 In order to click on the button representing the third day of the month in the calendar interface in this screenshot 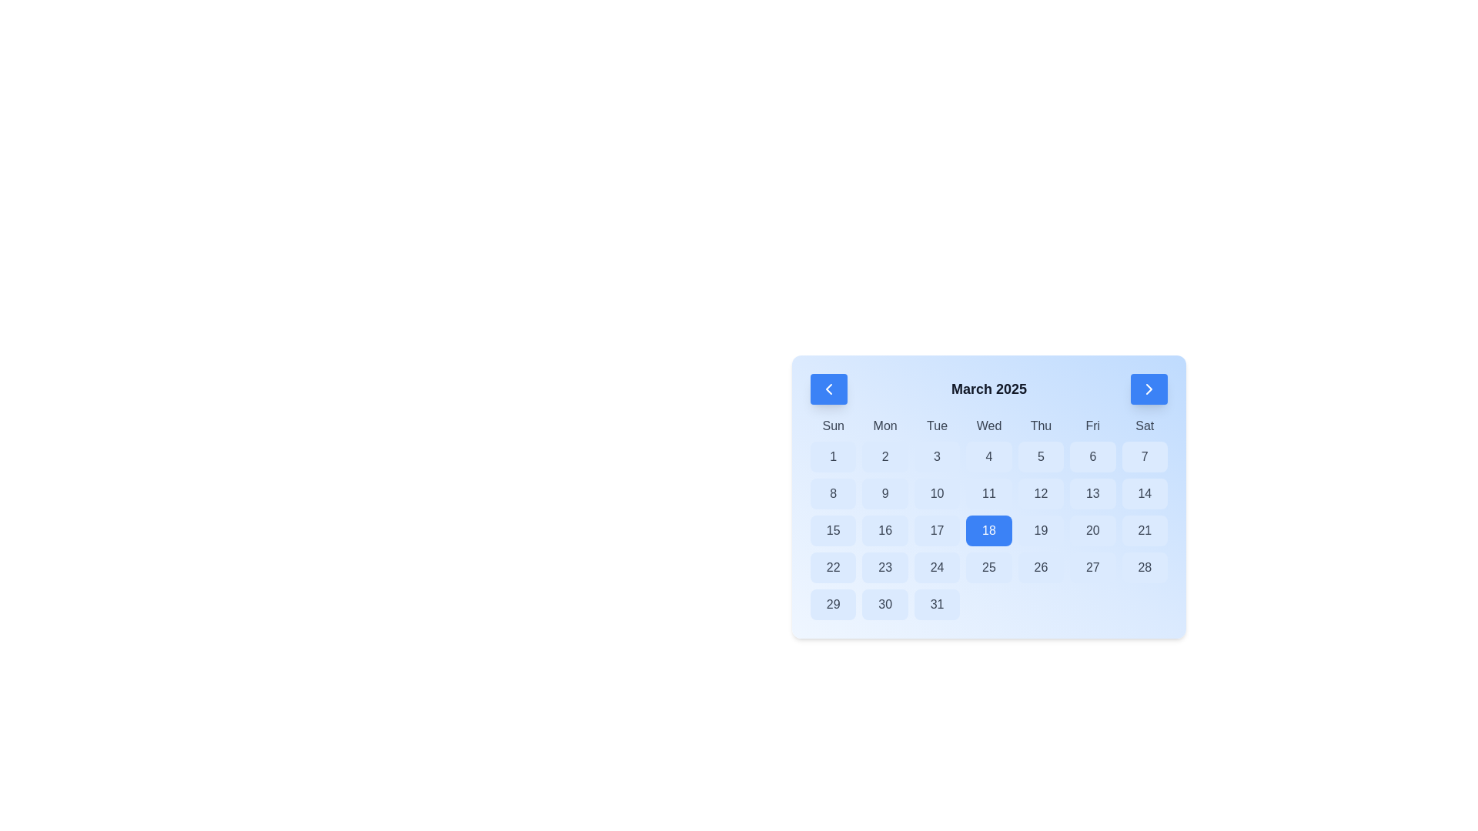, I will do `click(936, 456)`.